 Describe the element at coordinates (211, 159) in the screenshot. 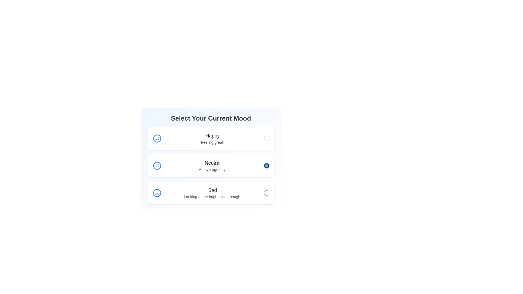

I see `the 'Neutral' mood radio button, which is the second card in a group of three mood selection options located centrally in the interface` at that location.